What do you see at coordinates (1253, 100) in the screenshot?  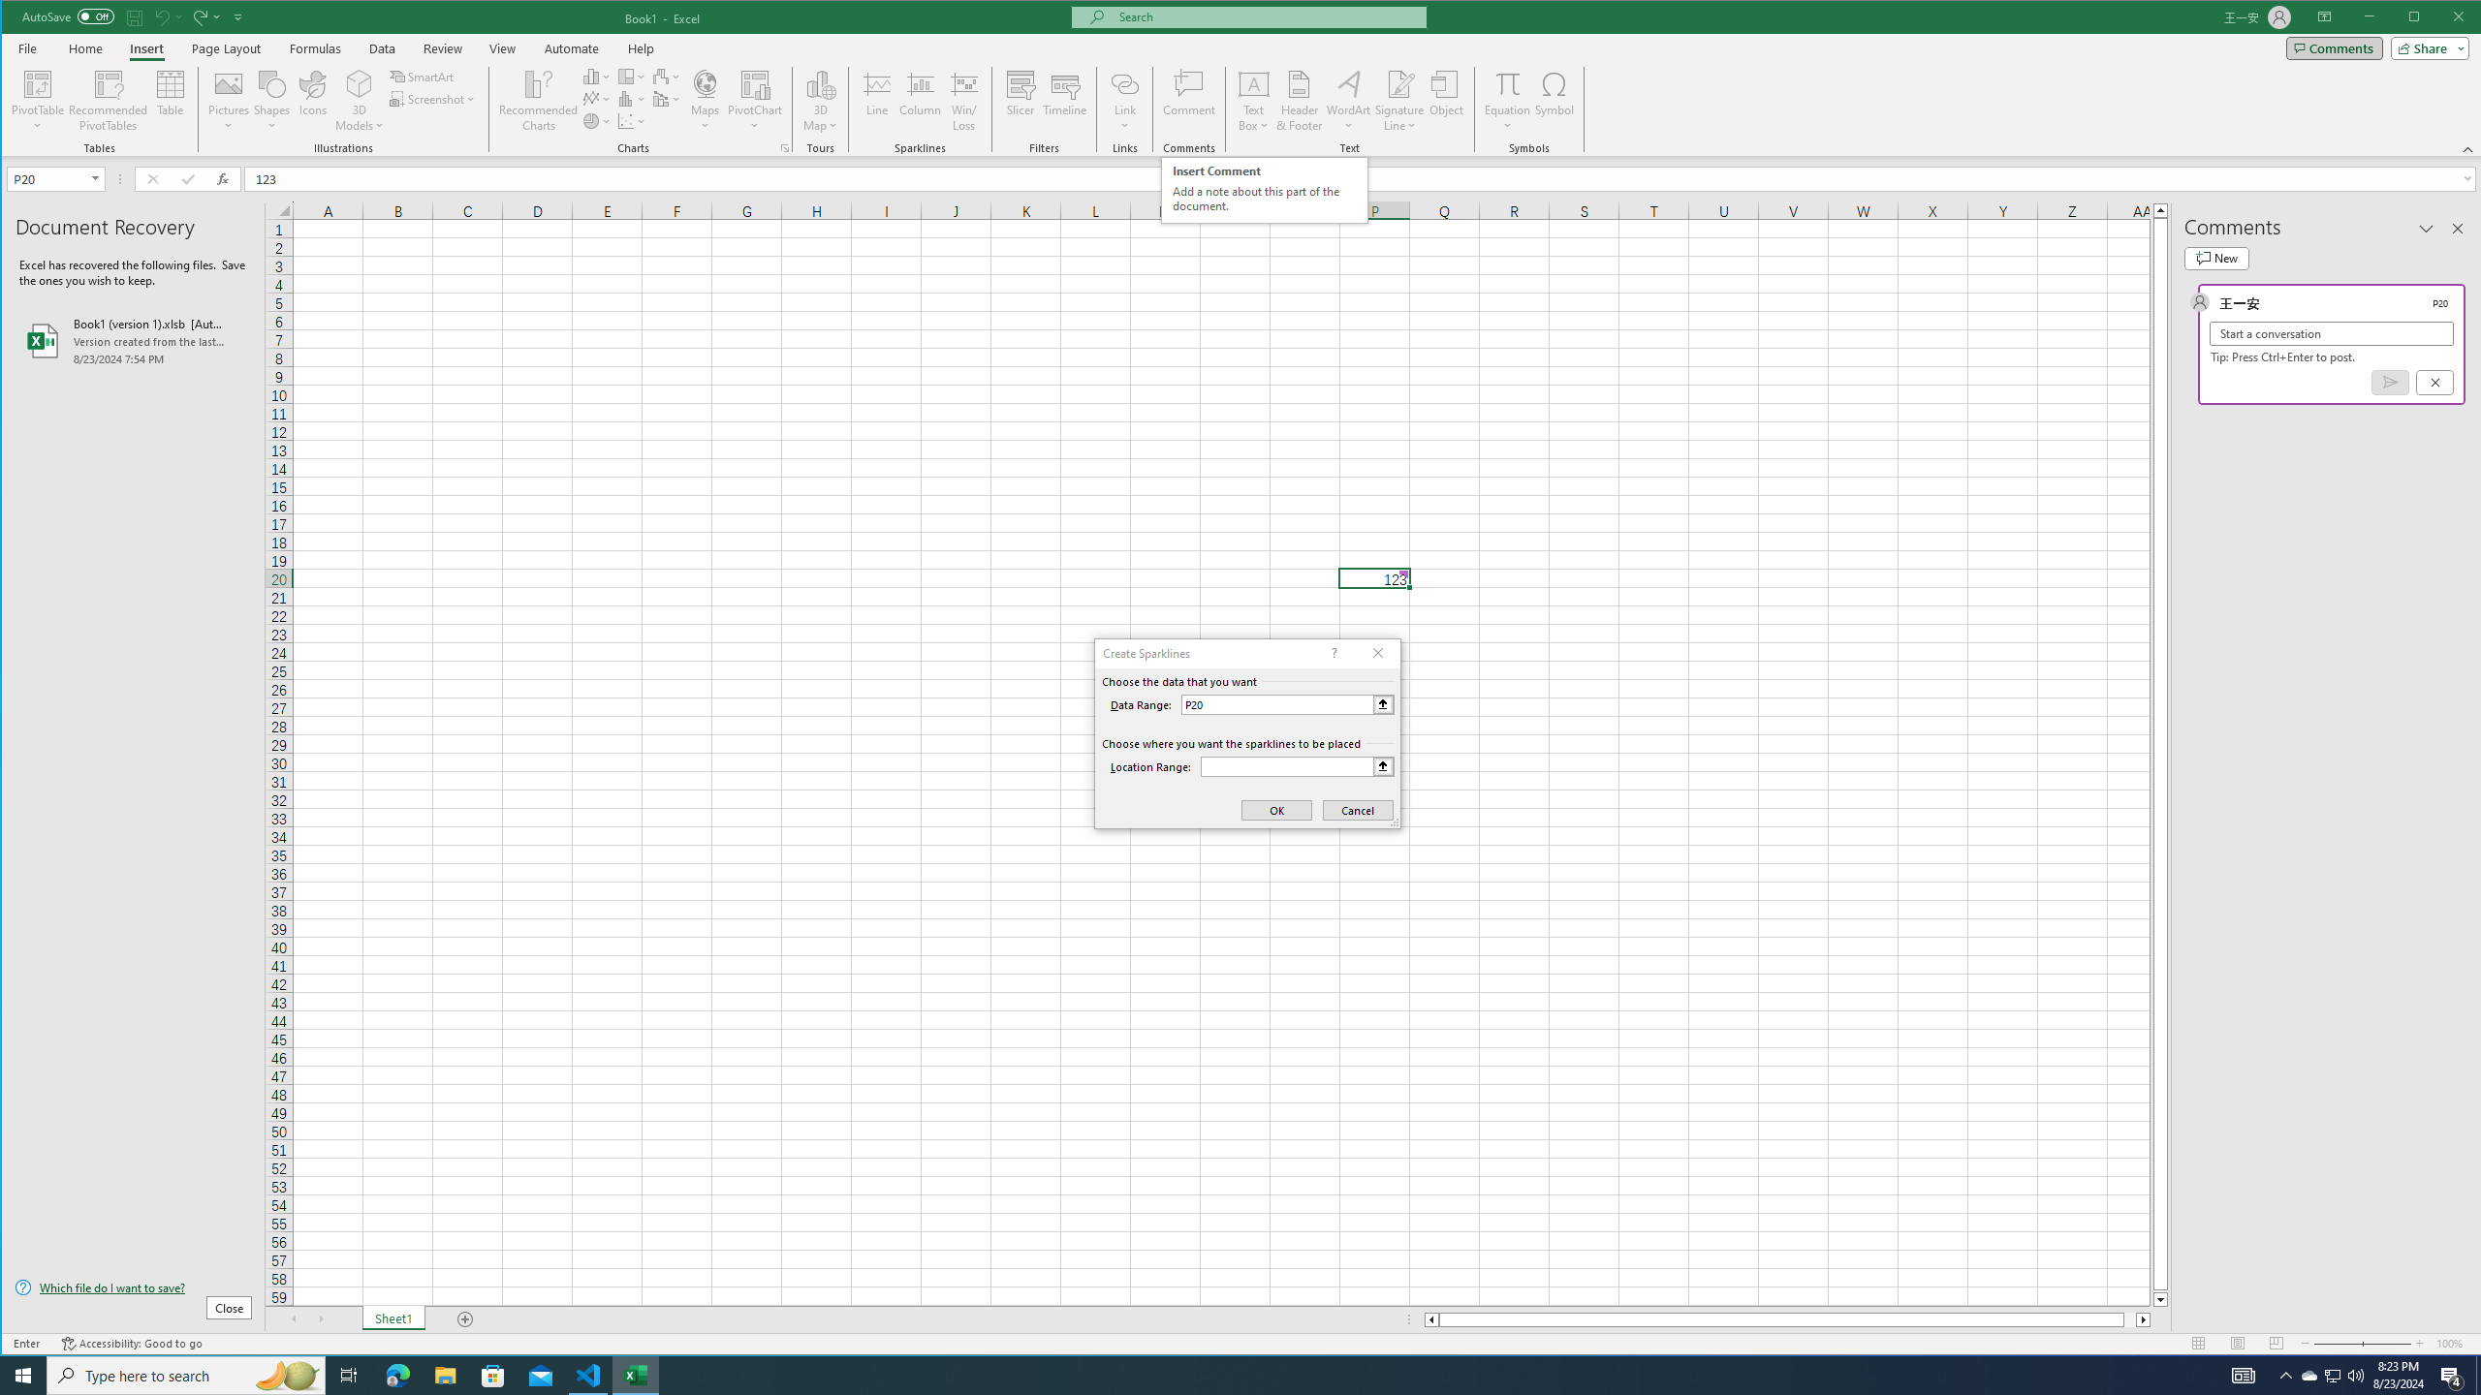 I see `'Text Box'` at bounding box center [1253, 100].